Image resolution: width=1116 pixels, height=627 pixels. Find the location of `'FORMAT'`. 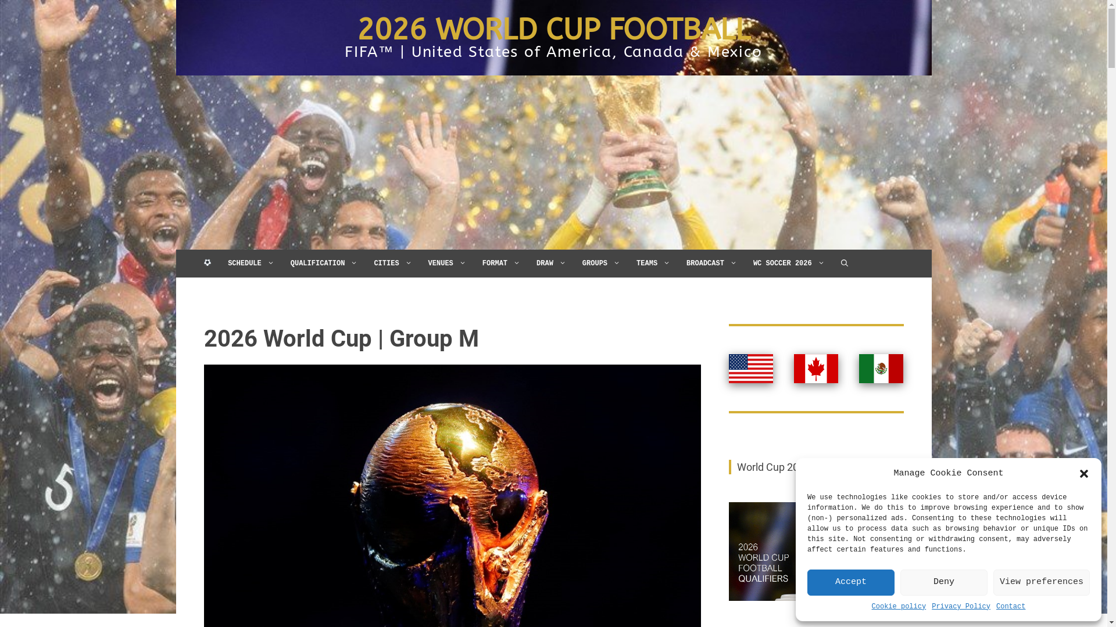

'FORMAT' is located at coordinates (501, 264).